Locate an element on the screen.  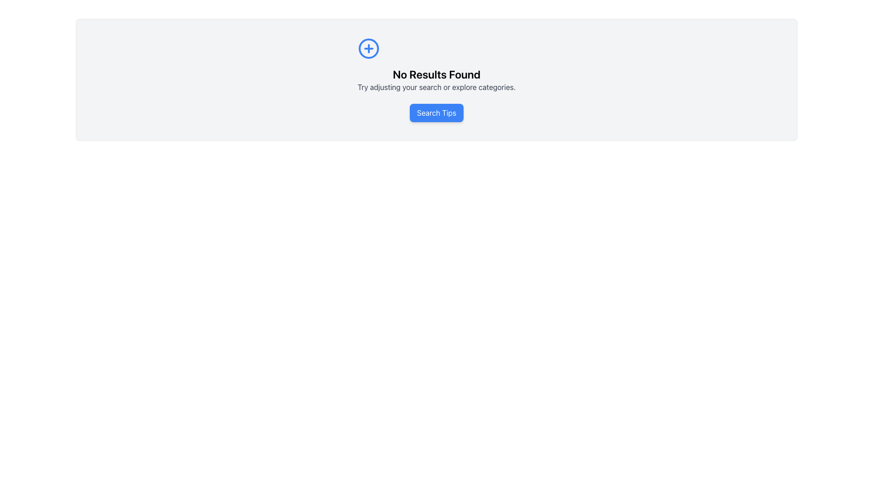
the static text element displaying 'Try adjusting your search or explore categories.' which is located directly beneath the 'No Results Found' heading is located at coordinates (436, 87).